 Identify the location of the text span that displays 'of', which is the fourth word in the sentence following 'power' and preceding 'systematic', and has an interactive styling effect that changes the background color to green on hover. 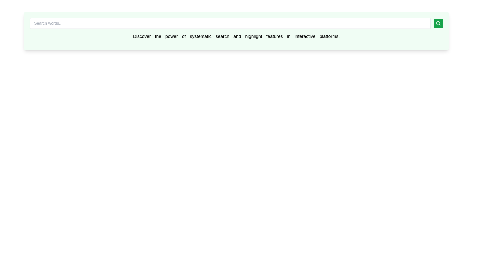
(183, 36).